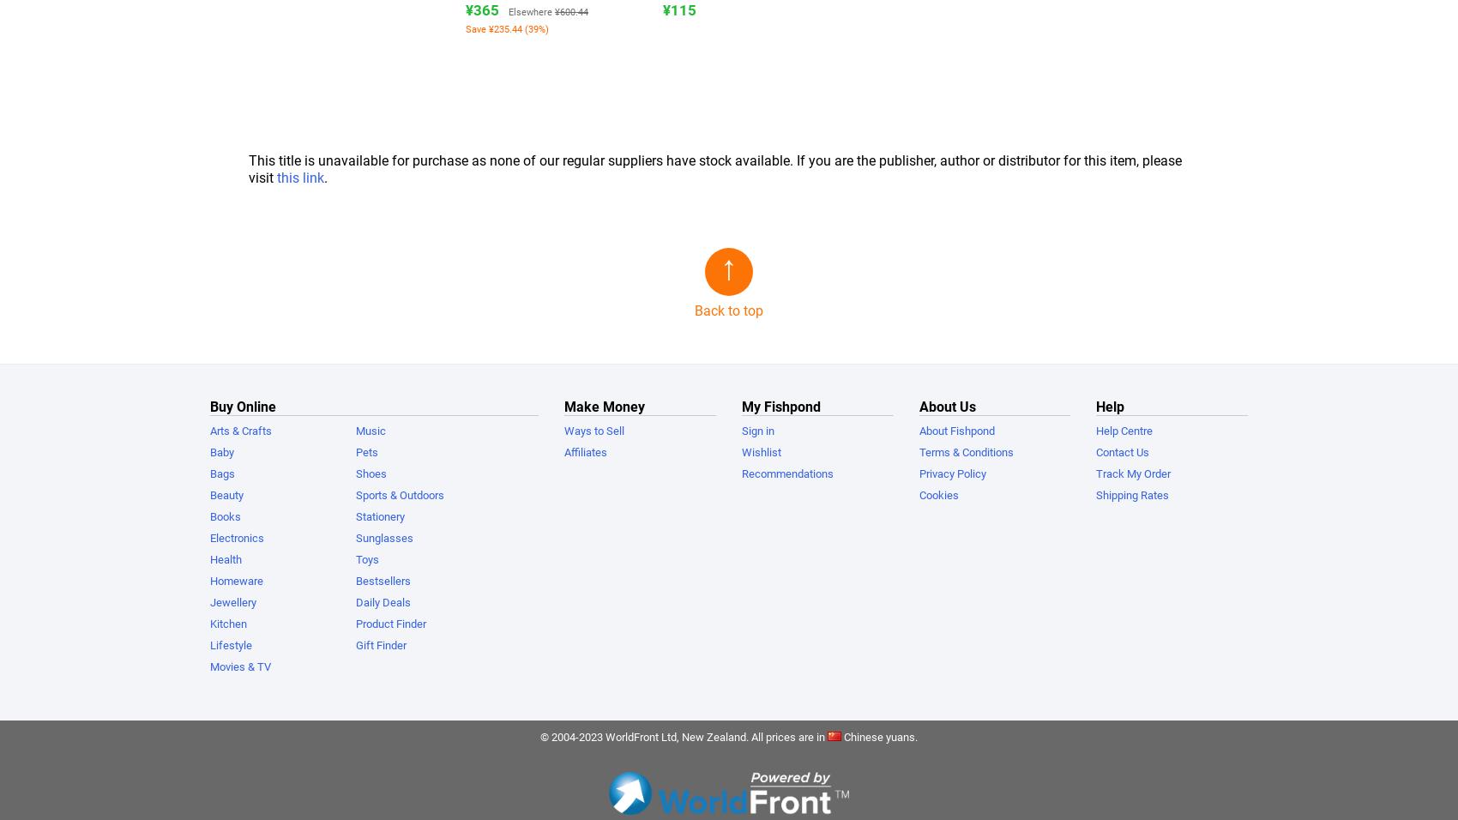  I want to click on 'Movies & TV', so click(209, 666).